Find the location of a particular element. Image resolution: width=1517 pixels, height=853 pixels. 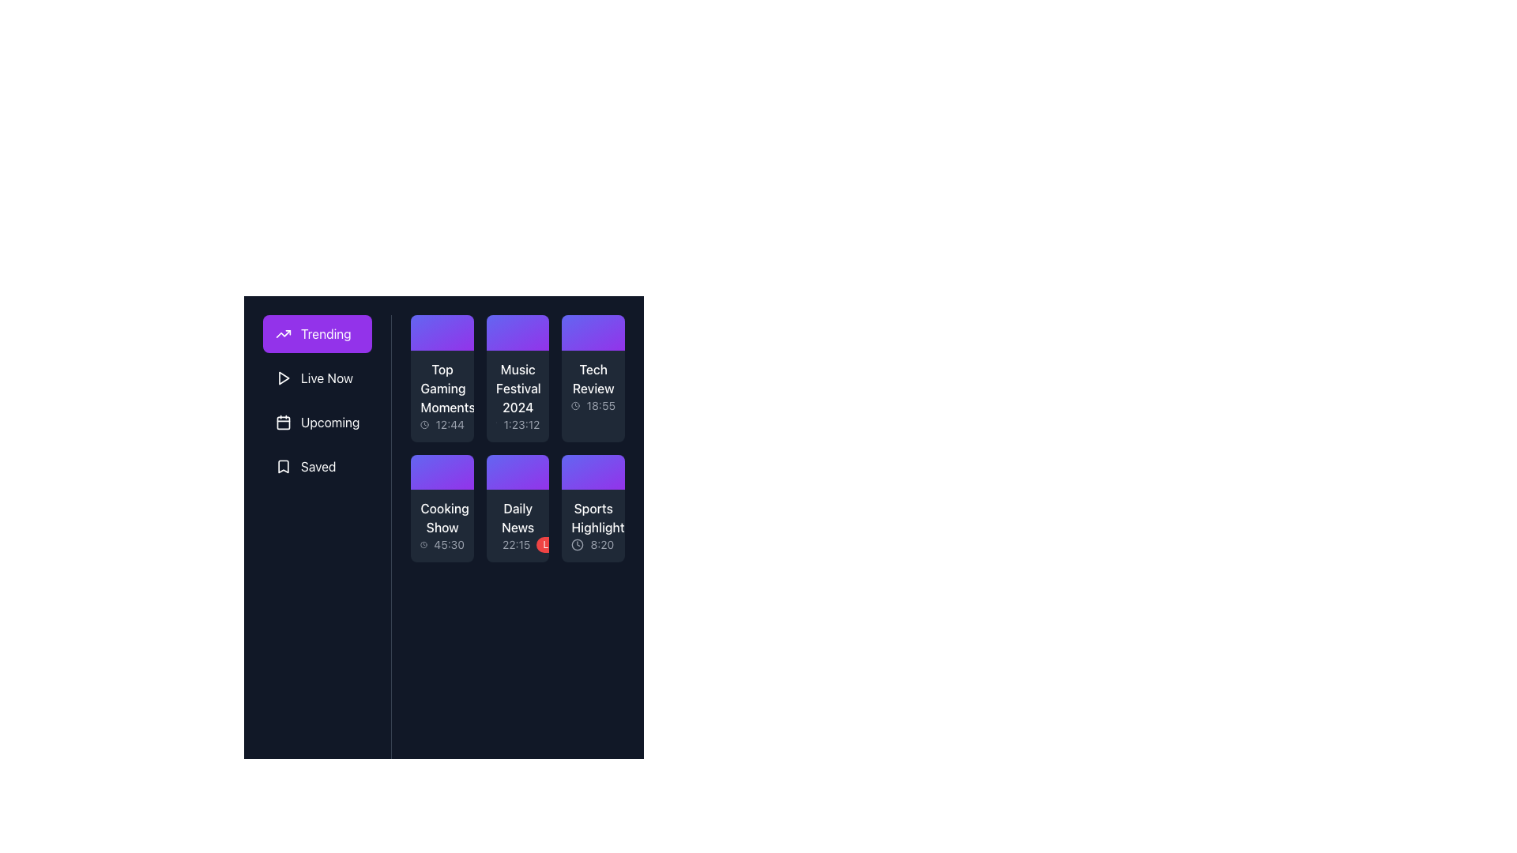

the graphical icon representing trending movement located in the highlighted 'Trending' sidebar section is located at coordinates (284, 333).